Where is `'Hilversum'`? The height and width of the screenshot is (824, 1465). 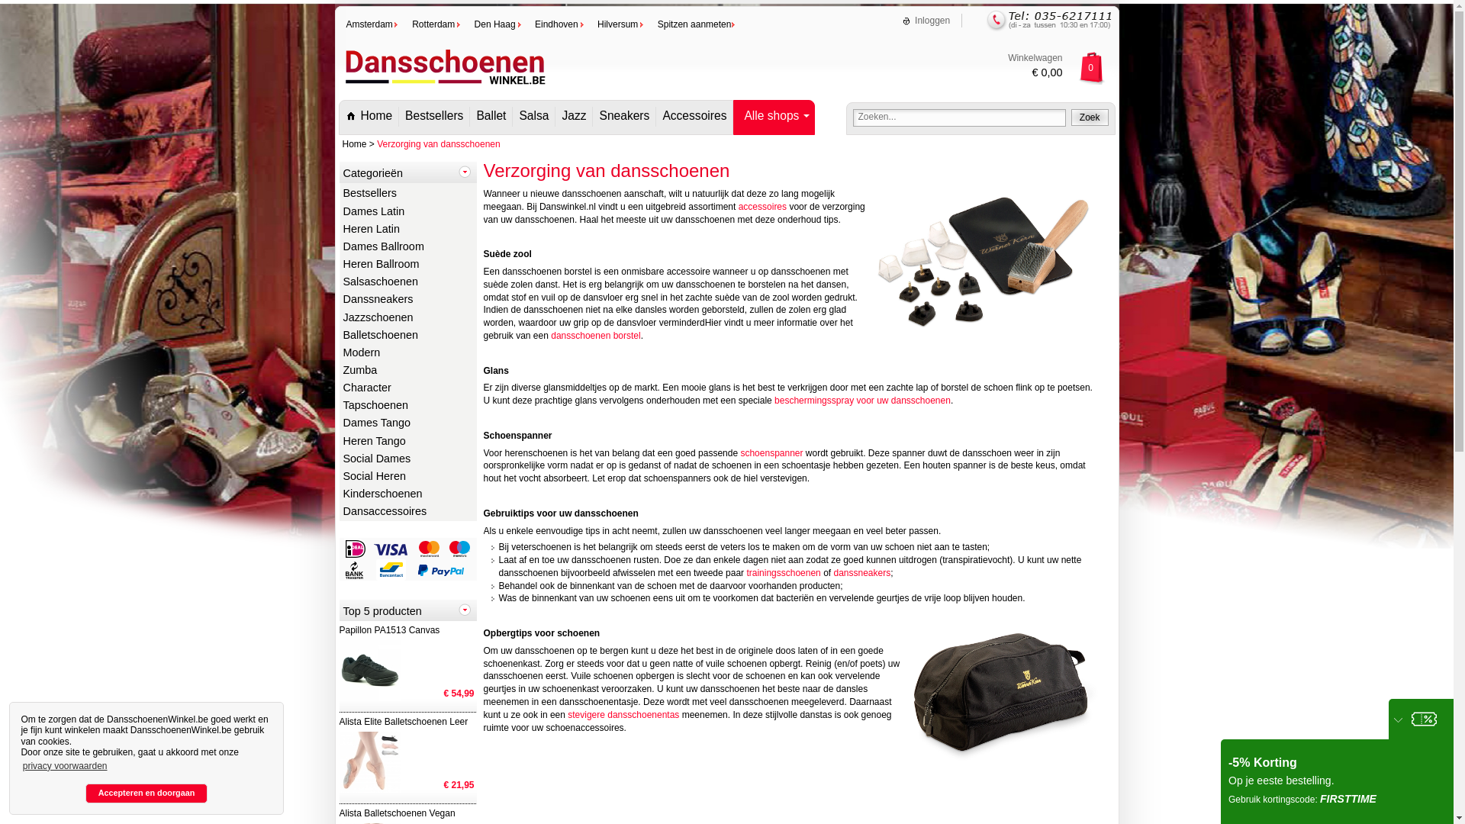 'Hilversum' is located at coordinates (621, 24).